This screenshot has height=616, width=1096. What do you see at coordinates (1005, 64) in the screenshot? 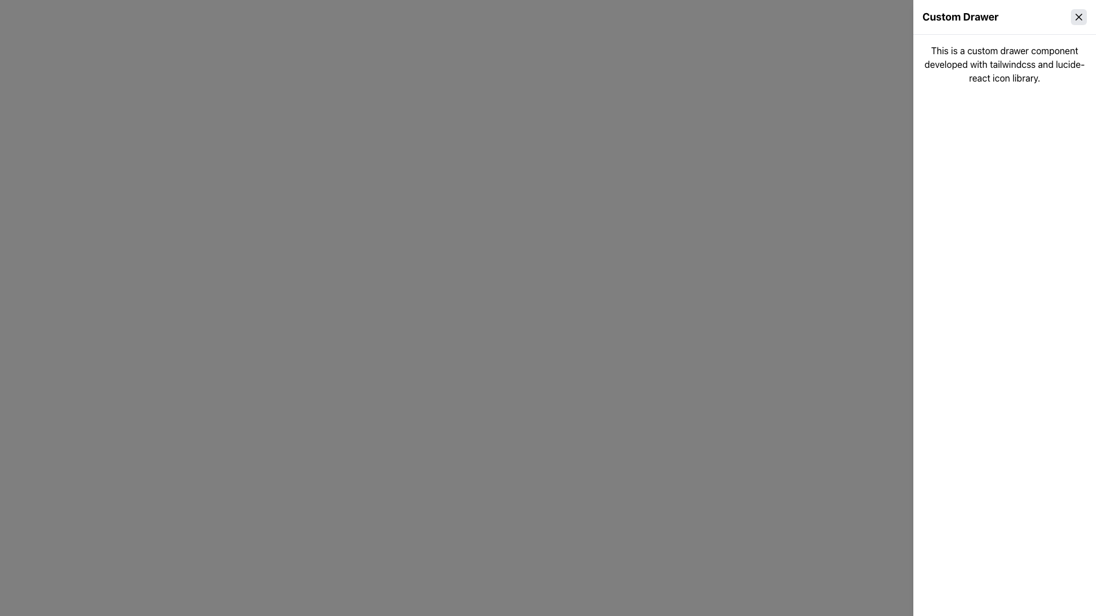
I see `text from the text block that contains the sentence: 'This is a custom drawer component developed with tailwindcss and lucide-react icon library.'` at bounding box center [1005, 64].